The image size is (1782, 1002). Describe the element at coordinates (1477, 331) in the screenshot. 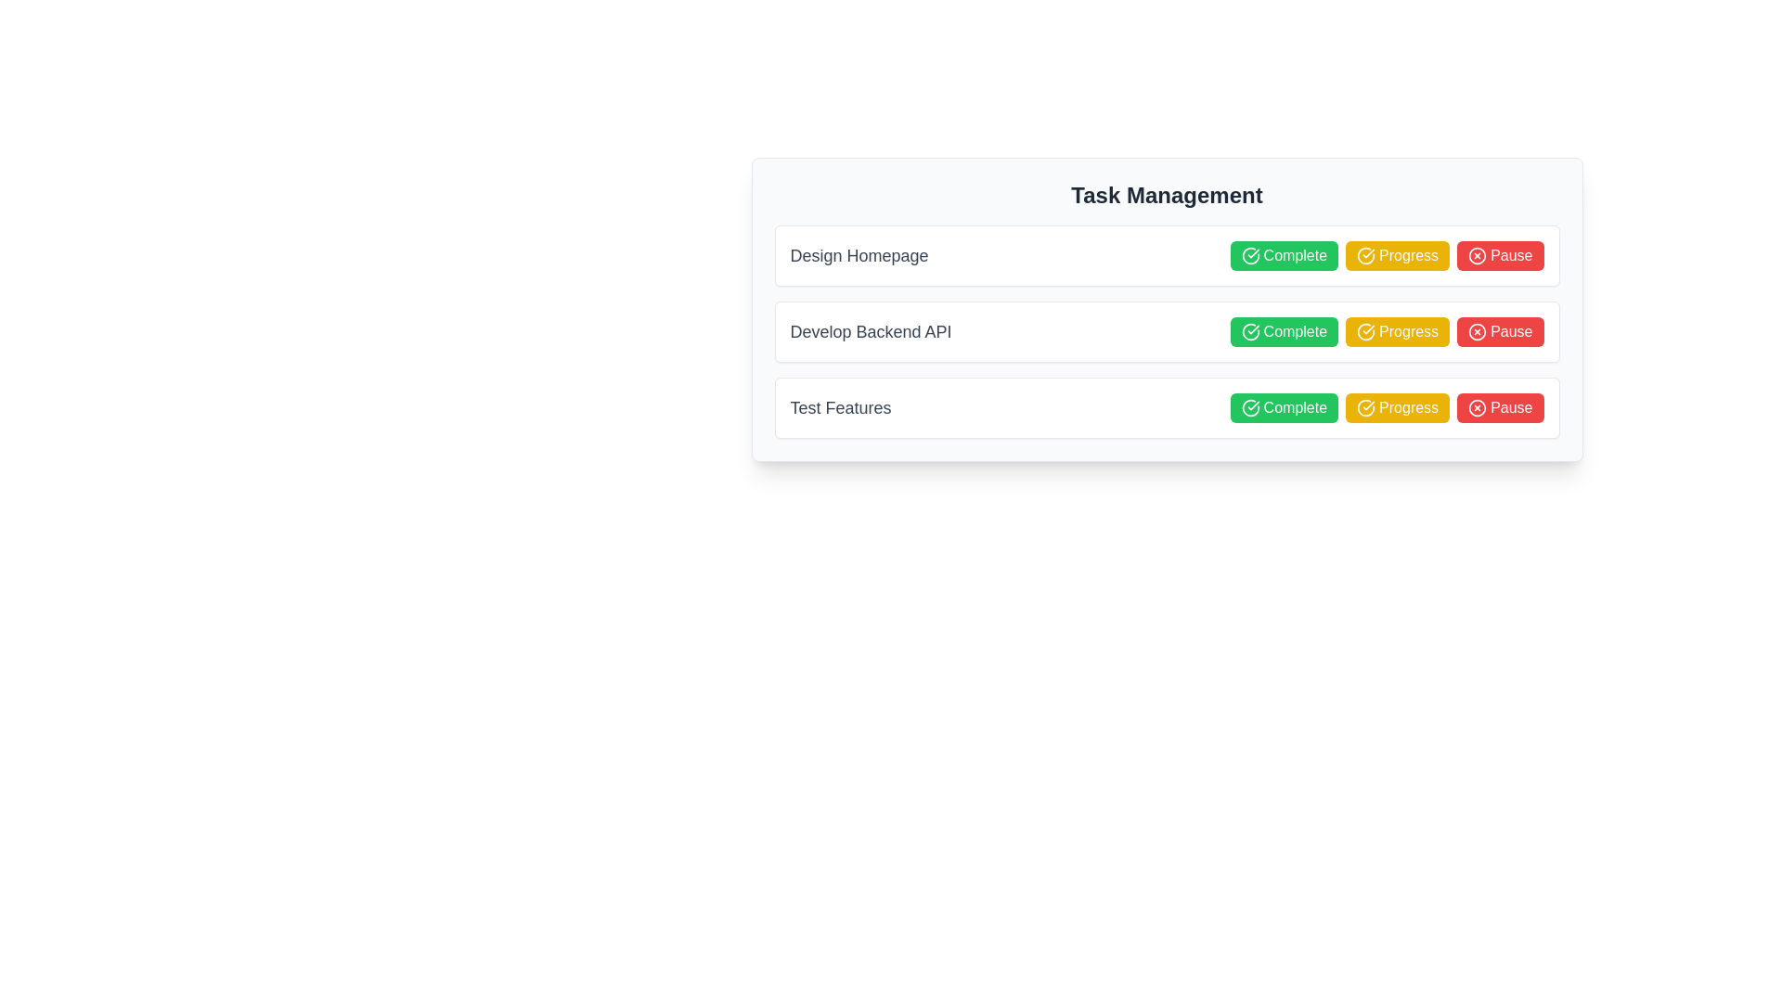

I see `the red X-shaped button` at that location.